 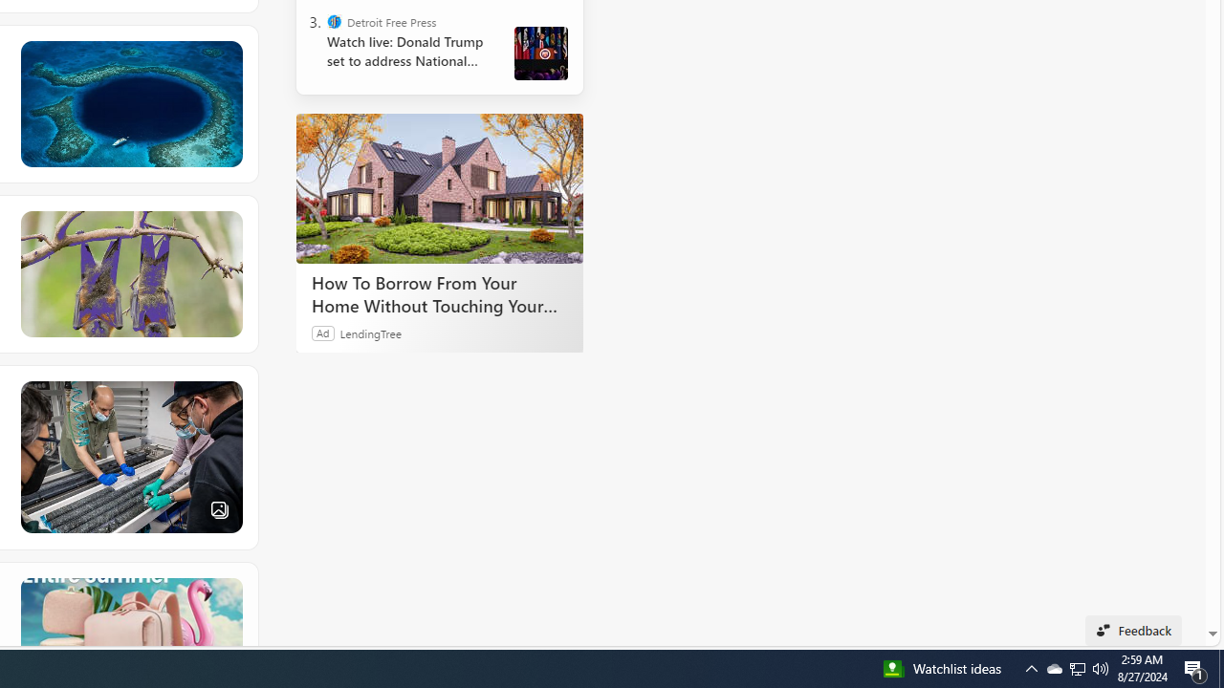 What do you see at coordinates (335, 22) in the screenshot?
I see `'Detroit Free Press'` at bounding box center [335, 22].